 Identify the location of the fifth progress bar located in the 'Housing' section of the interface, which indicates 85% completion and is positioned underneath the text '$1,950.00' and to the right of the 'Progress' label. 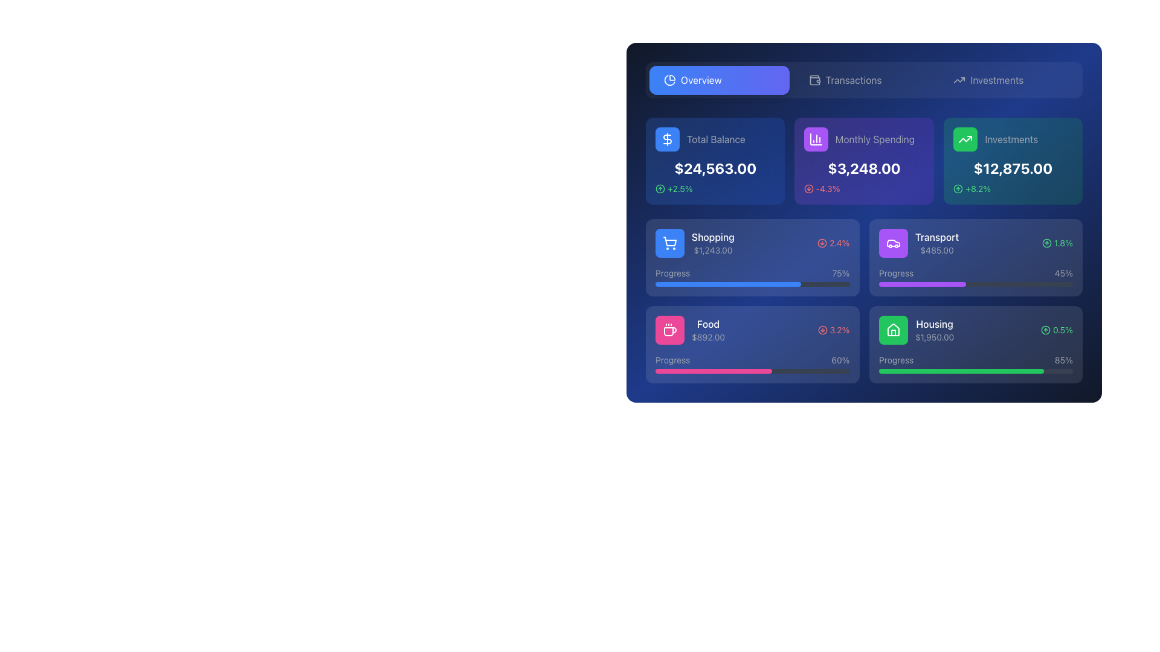
(976, 370).